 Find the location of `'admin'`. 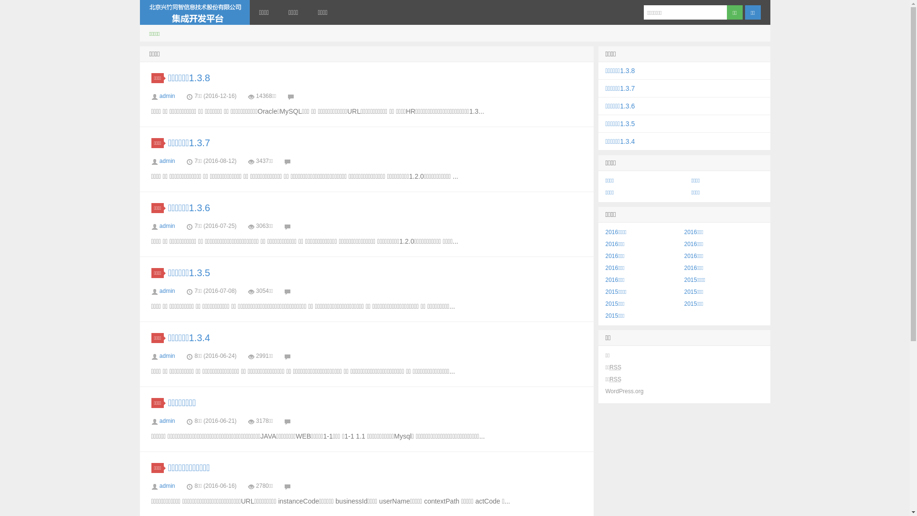

'admin' is located at coordinates (167, 96).